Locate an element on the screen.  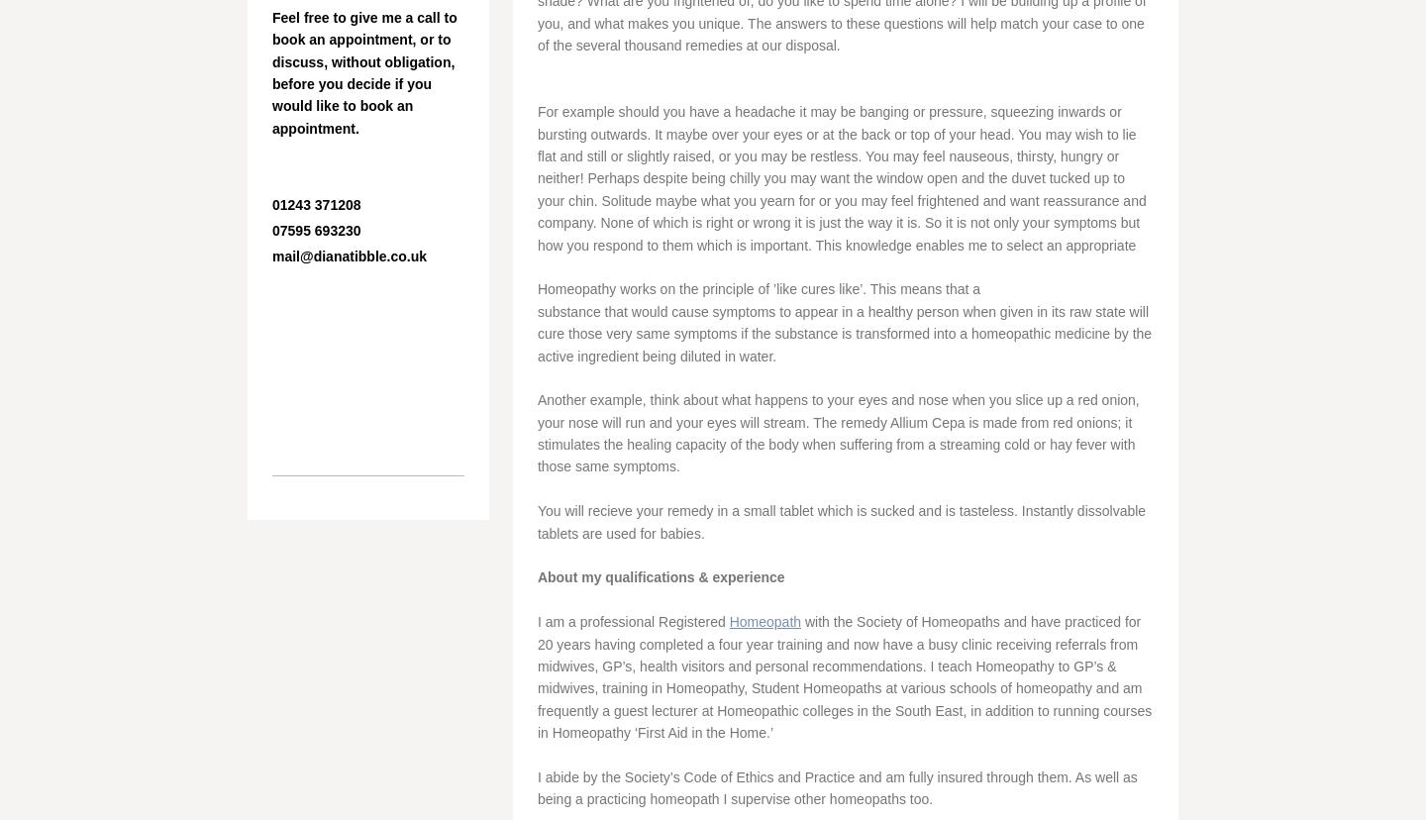
'Another example, think about what happens to your eyes and nose when you slice up a red onion, your nose will run and your eyes will stream. The remedy Allium Cepa is made from red onions; it
stimulates the healing capacity of the body when suffering from a streaming cold or hay fever with those same symptoms.' is located at coordinates (837, 433).